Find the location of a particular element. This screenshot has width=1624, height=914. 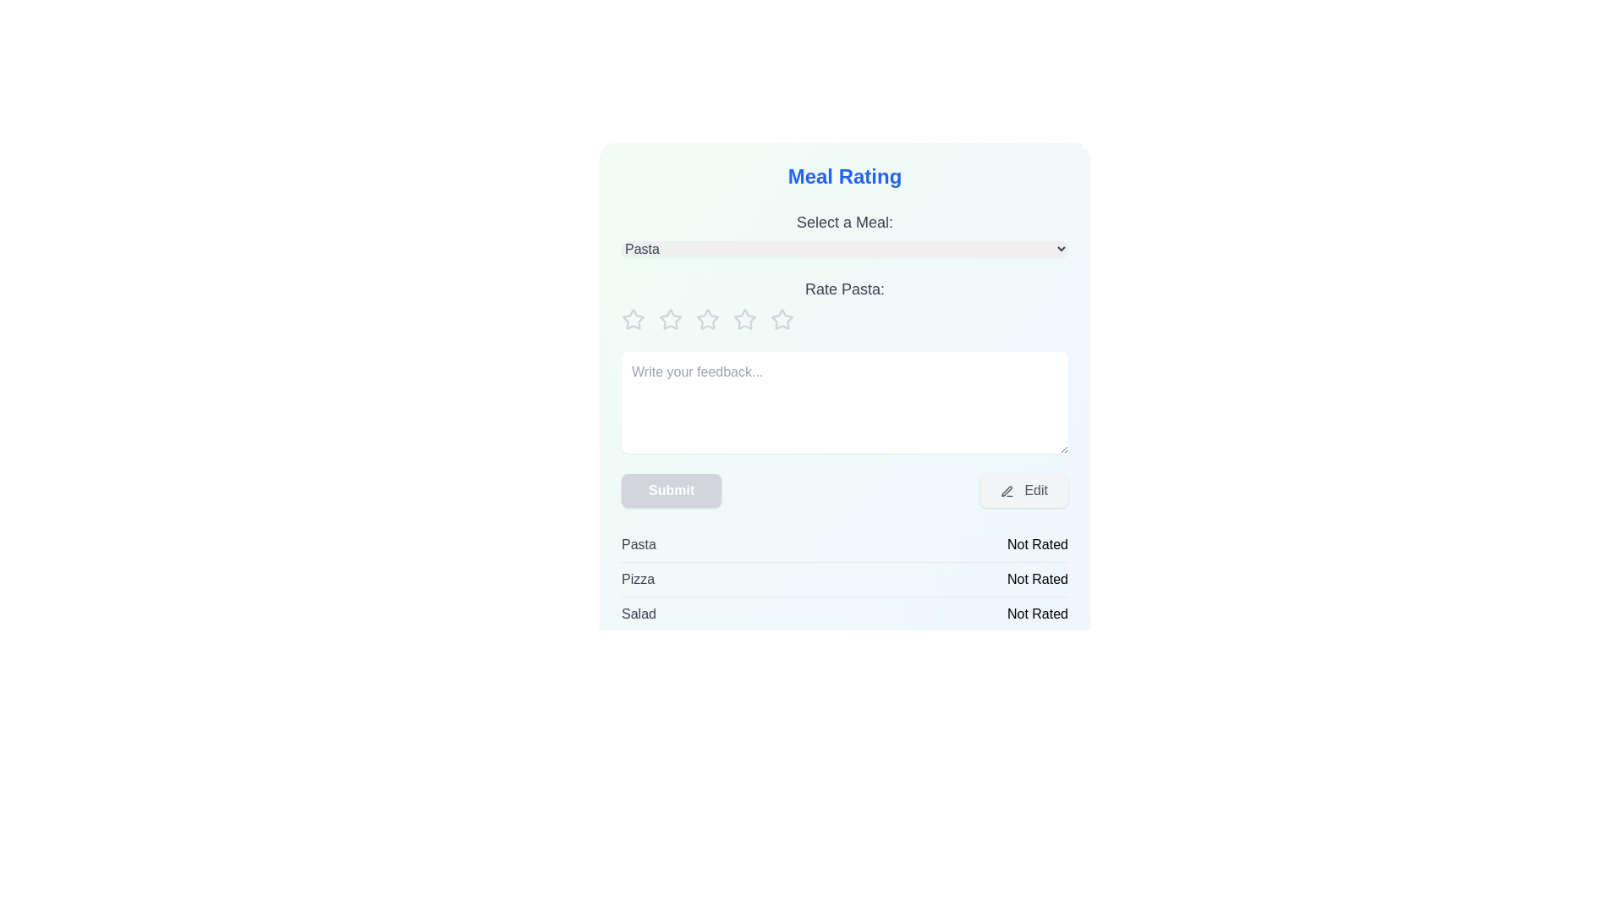

the static text label displaying 'Not Rated' located at the right end of the 'Salad' item in the list is located at coordinates (1037, 614).